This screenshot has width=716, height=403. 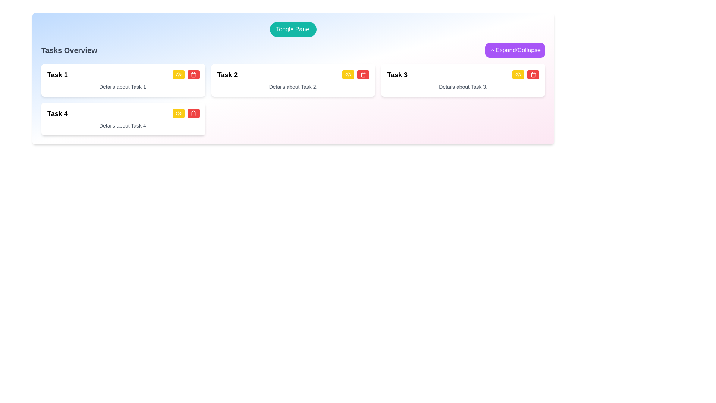 What do you see at coordinates (123, 125) in the screenshot?
I see `the text label that provides information about 'Task 4', located in the second row and first column of the task list section` at bounding box center [123, 125].